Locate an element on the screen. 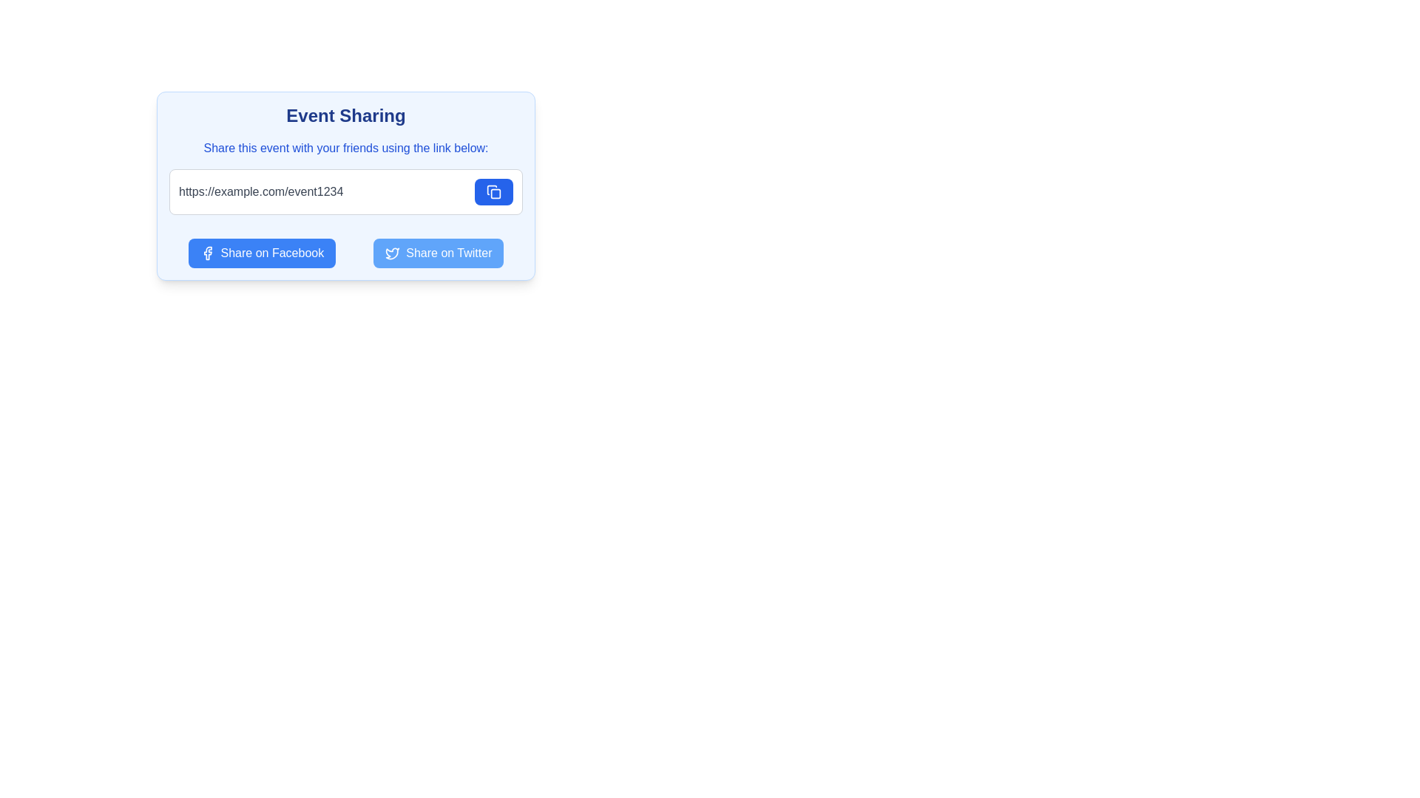 The height and width of the screenshot is (798, 1420). the Decorative component (SVG rectangle) with rounded corners, located in the upper left corner of the SVG icon next to the URL text input box is located at coordinates (496, 193).